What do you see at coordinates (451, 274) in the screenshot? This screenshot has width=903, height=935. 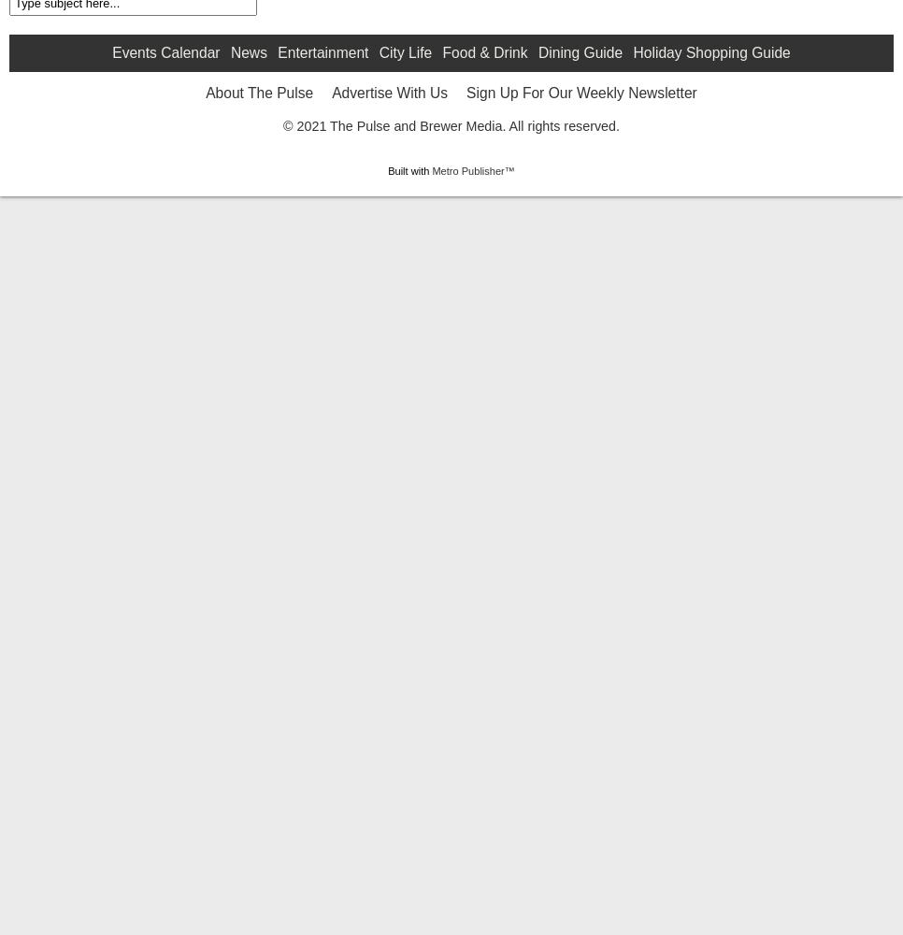 I see `'© 2021 The Pulse and Brewer Media. All rights reserved.'` at bounding box center [451, 274].